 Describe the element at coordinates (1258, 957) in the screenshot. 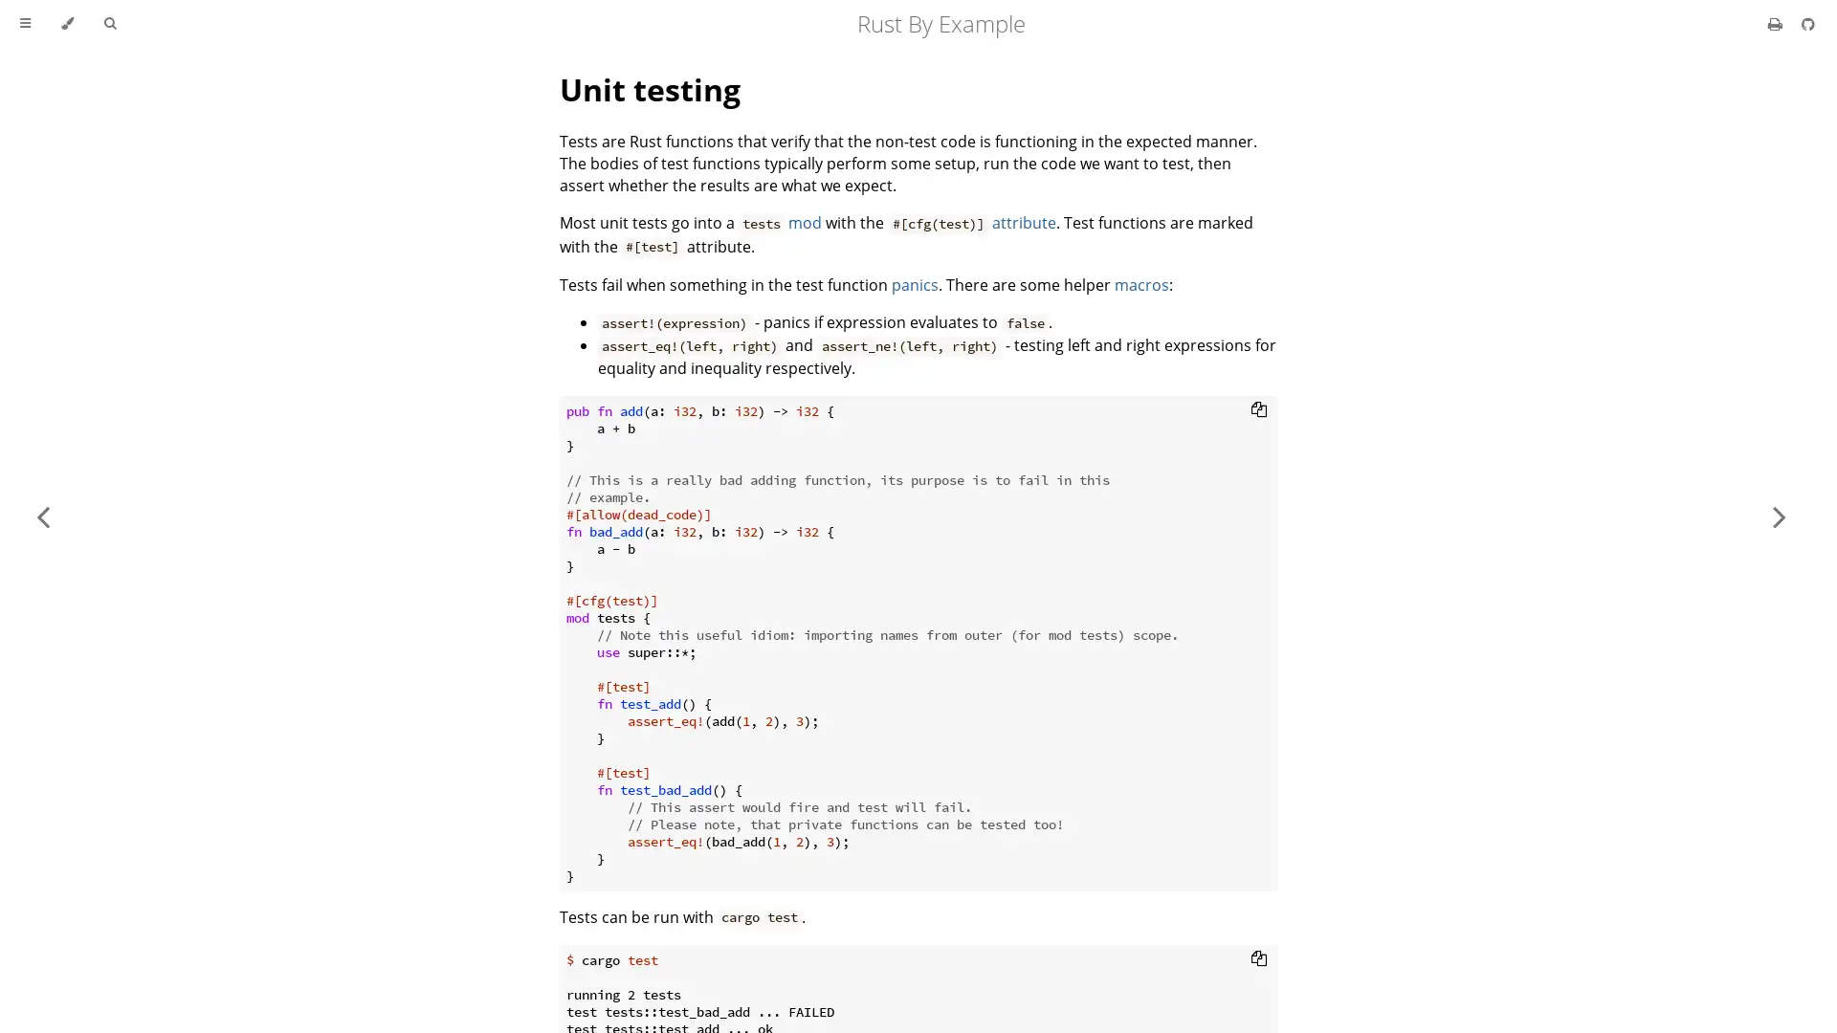

I see `Copy to clipboard` at that location.